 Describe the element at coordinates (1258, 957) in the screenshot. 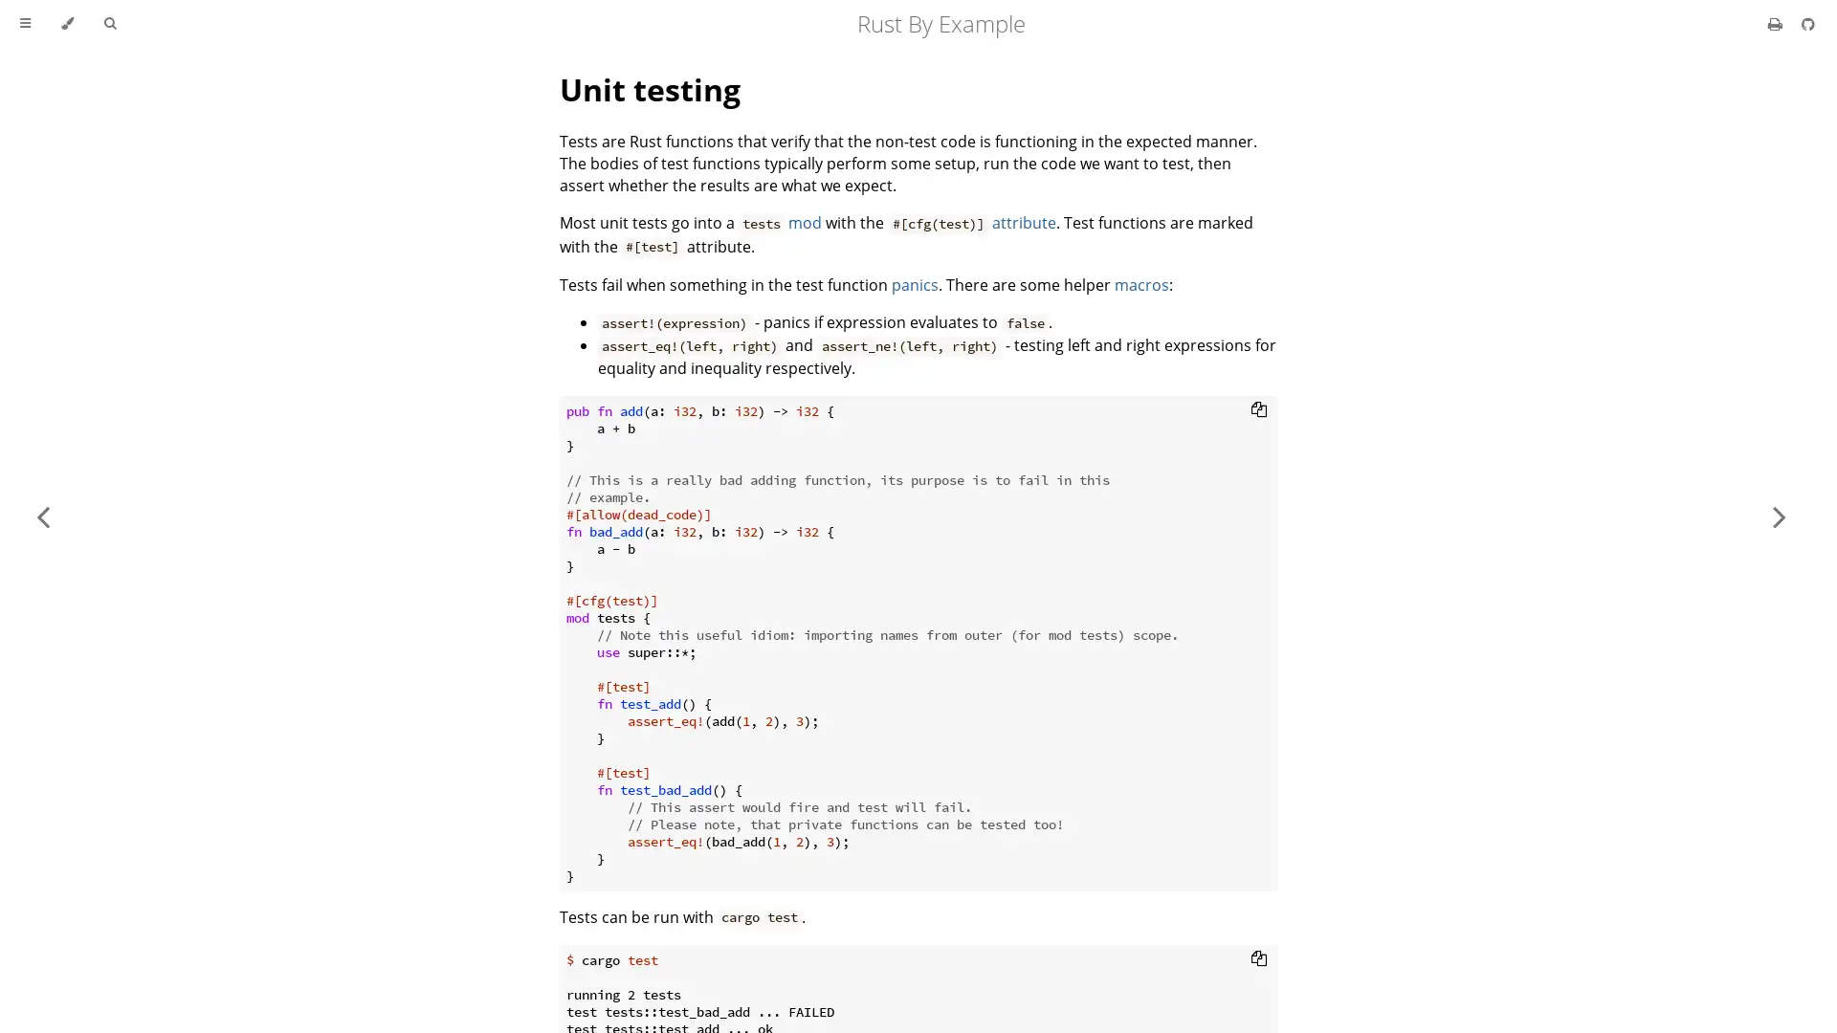

I see `Copy to clipboard` at that location.